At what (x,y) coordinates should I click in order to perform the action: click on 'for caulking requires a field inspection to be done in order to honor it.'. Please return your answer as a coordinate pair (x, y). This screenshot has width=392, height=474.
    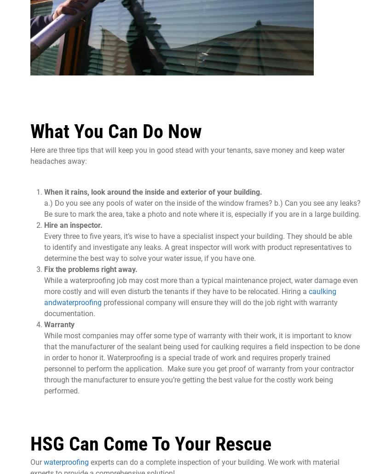
    Looking at the image, I should click on (202, 352).